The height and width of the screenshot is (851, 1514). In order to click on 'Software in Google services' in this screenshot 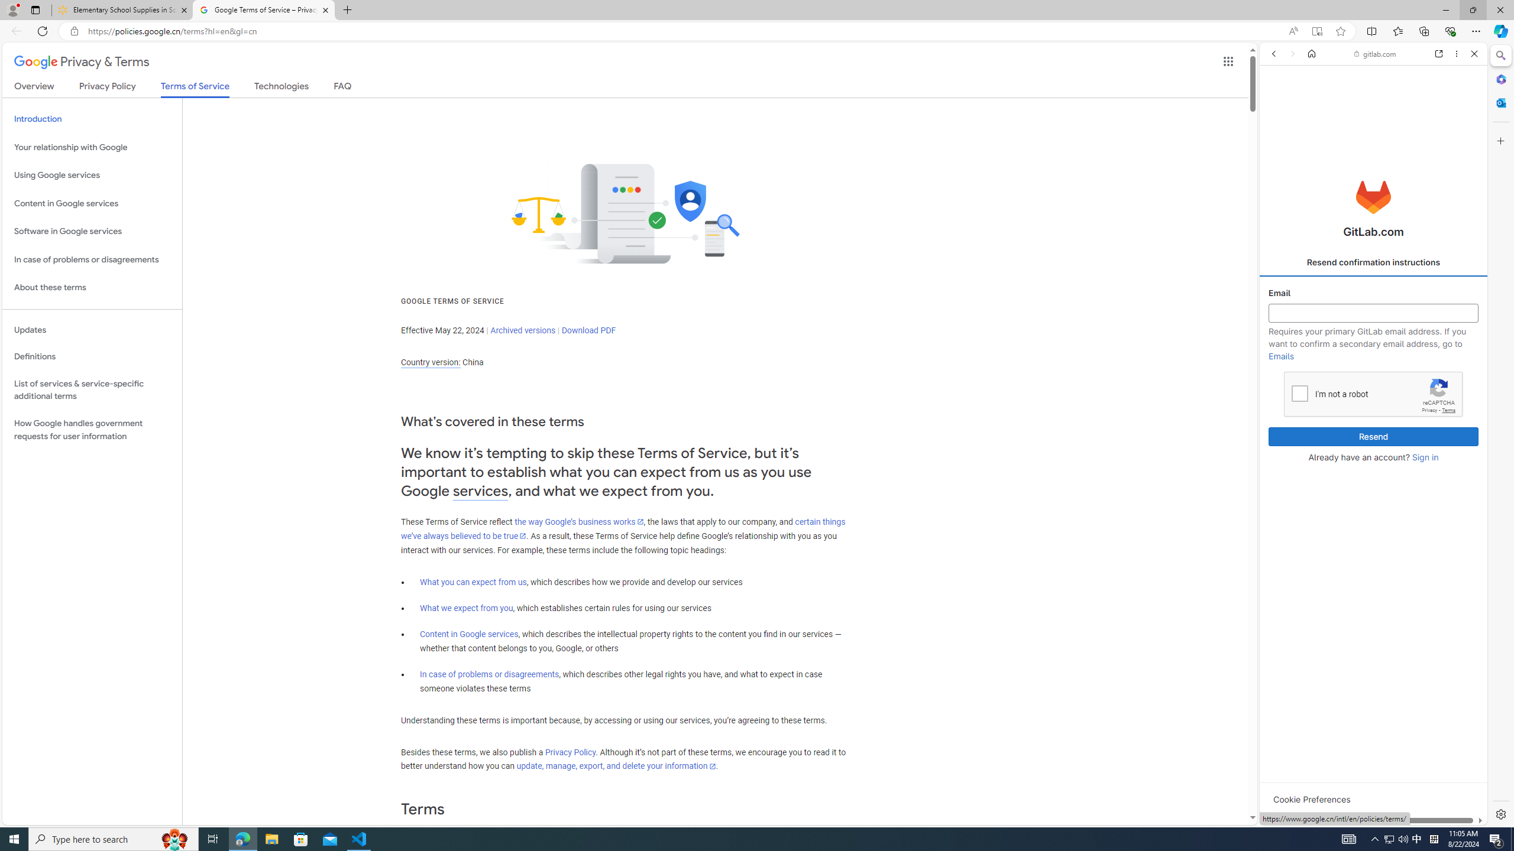, I will do `click(92, 231)`.